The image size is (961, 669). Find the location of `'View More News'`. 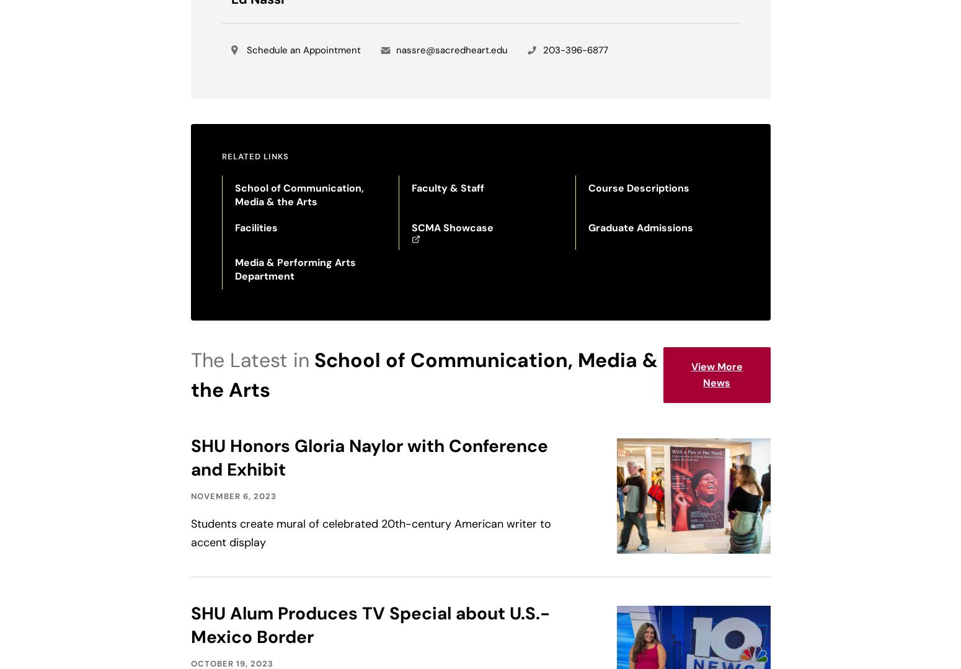

'View More News' is located at coordinates (715, 374).